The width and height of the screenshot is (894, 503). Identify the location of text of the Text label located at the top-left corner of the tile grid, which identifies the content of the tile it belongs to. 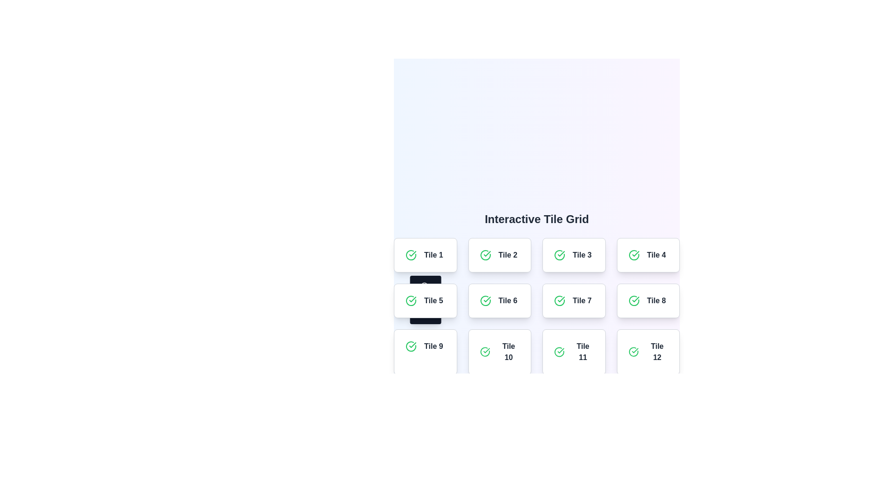
(433, 255).